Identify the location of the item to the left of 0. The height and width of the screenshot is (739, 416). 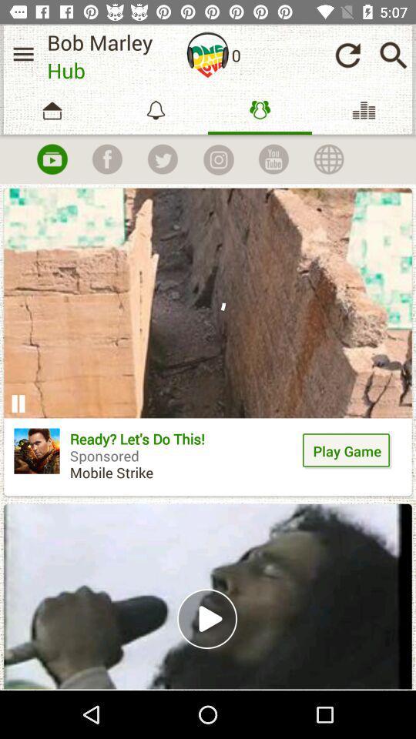
(208, 55).